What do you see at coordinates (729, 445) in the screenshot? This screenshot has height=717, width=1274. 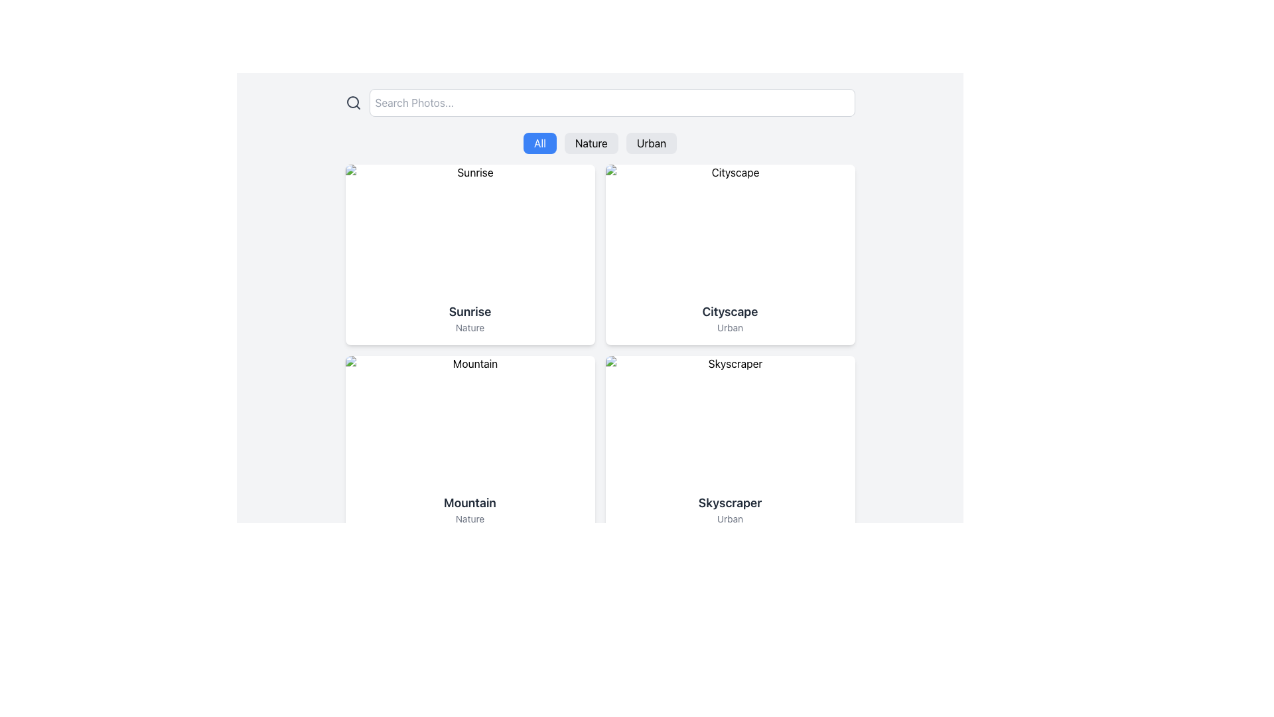 I see `the fourth card component featuring a white background with an image of a skyscraper, a bold title 'Skyscraper', and a subtitle 'Urban' located in the bottom right corner of the grid layout` at bounding box center [729, 445].